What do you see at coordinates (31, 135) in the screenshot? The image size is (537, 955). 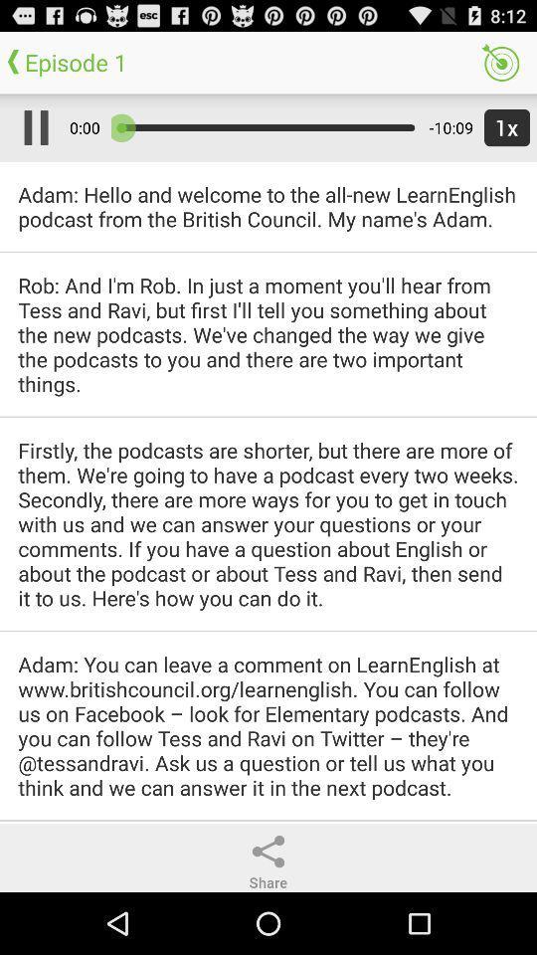 I see `the pause icon` at bounding box center [31, 135].